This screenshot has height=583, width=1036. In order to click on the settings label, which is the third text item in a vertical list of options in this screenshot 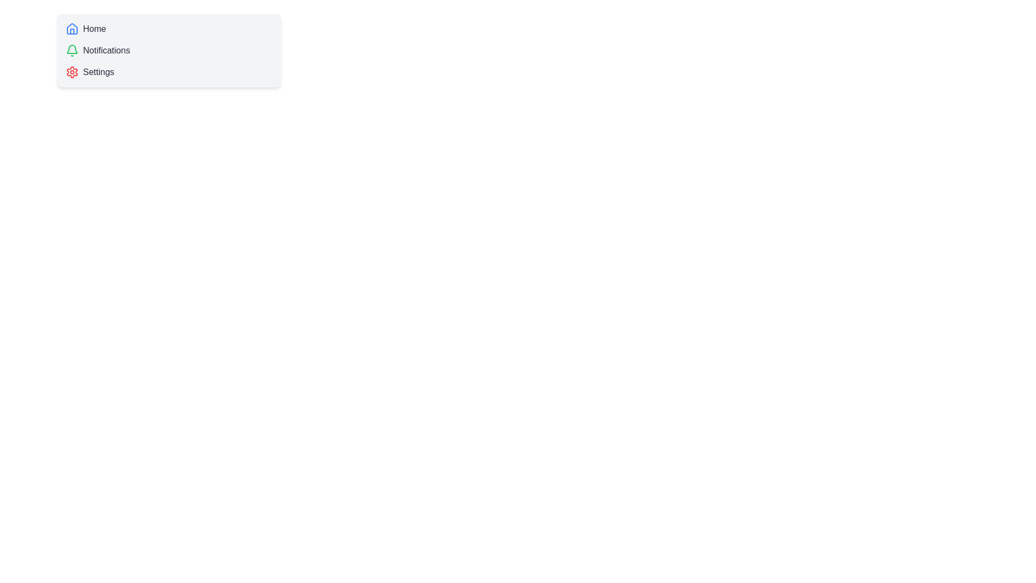, I will do `click(98, 72)`.